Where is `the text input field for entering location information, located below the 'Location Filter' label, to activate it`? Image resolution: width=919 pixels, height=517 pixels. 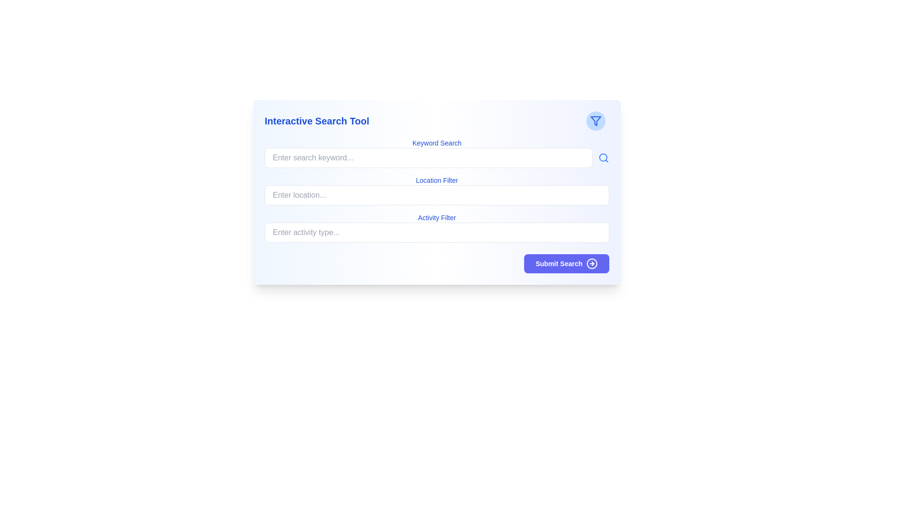 the text input field for entering location information, located below the 'Location Filter' label, to activate it is located at coordinates (436, 195).